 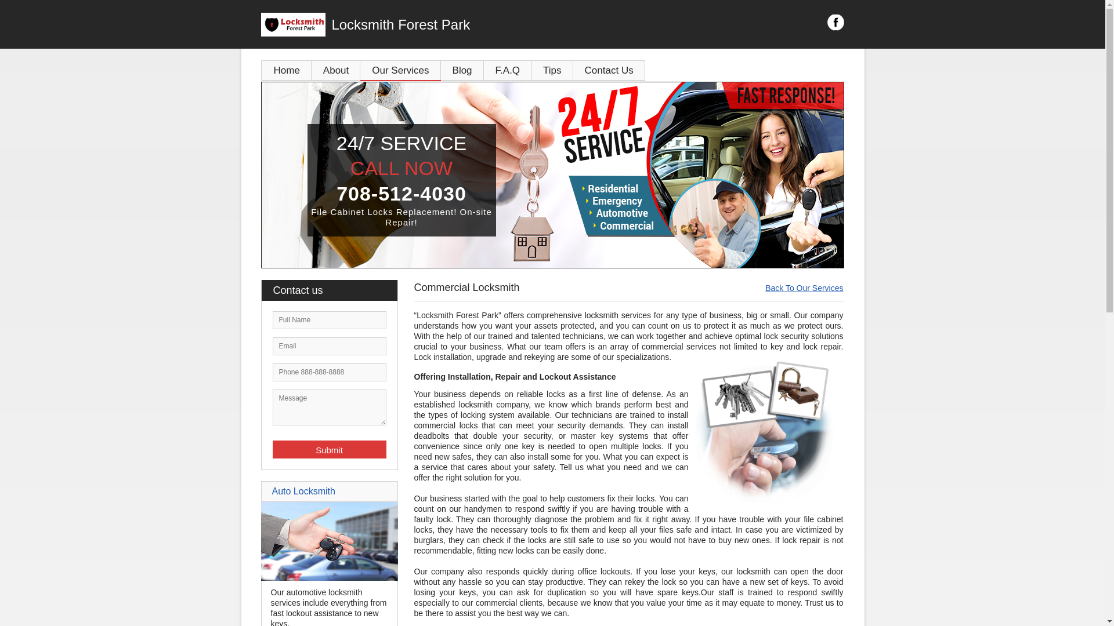 I want to click on 'Commercial Locksmith in Forest Park', so click(x=765, y=430).